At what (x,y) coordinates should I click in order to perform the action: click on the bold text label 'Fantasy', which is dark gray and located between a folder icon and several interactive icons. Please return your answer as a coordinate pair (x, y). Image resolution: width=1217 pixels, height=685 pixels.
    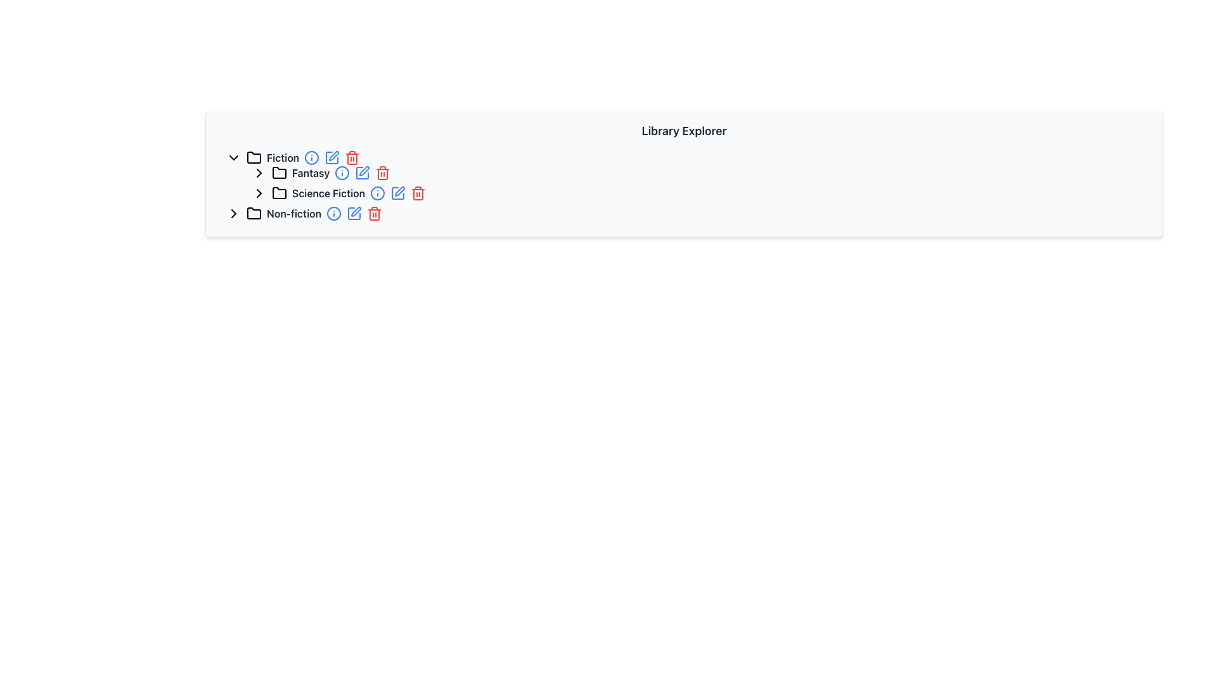
    Looking at the image, I should click on (311, 173).